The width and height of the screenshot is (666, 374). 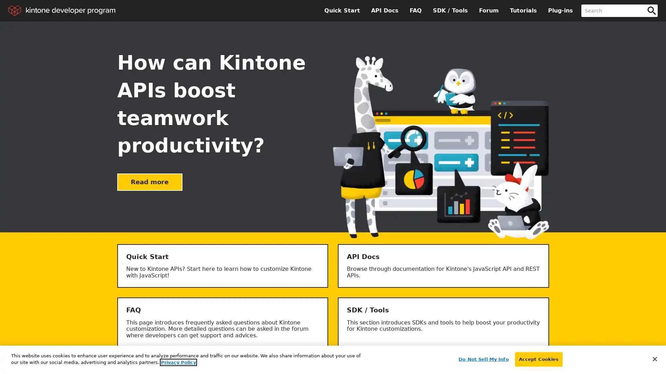 What do you see at coordinates (538, 359) in the screenshot?
I see `Accept Cookies` at bounding box center [538, 359].